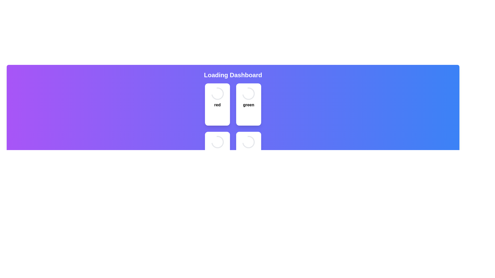 Image resolution: width=495 pixels, height=278 pixels. What do you see at coordinates (249, 105) in the screenshot?
I see `text label displaying the word 'green' which is styled in bold and located within a white card structure, positioned below a spinning circular indicator and above a button labeled 'Stop'` at bounding box center [249, 105].